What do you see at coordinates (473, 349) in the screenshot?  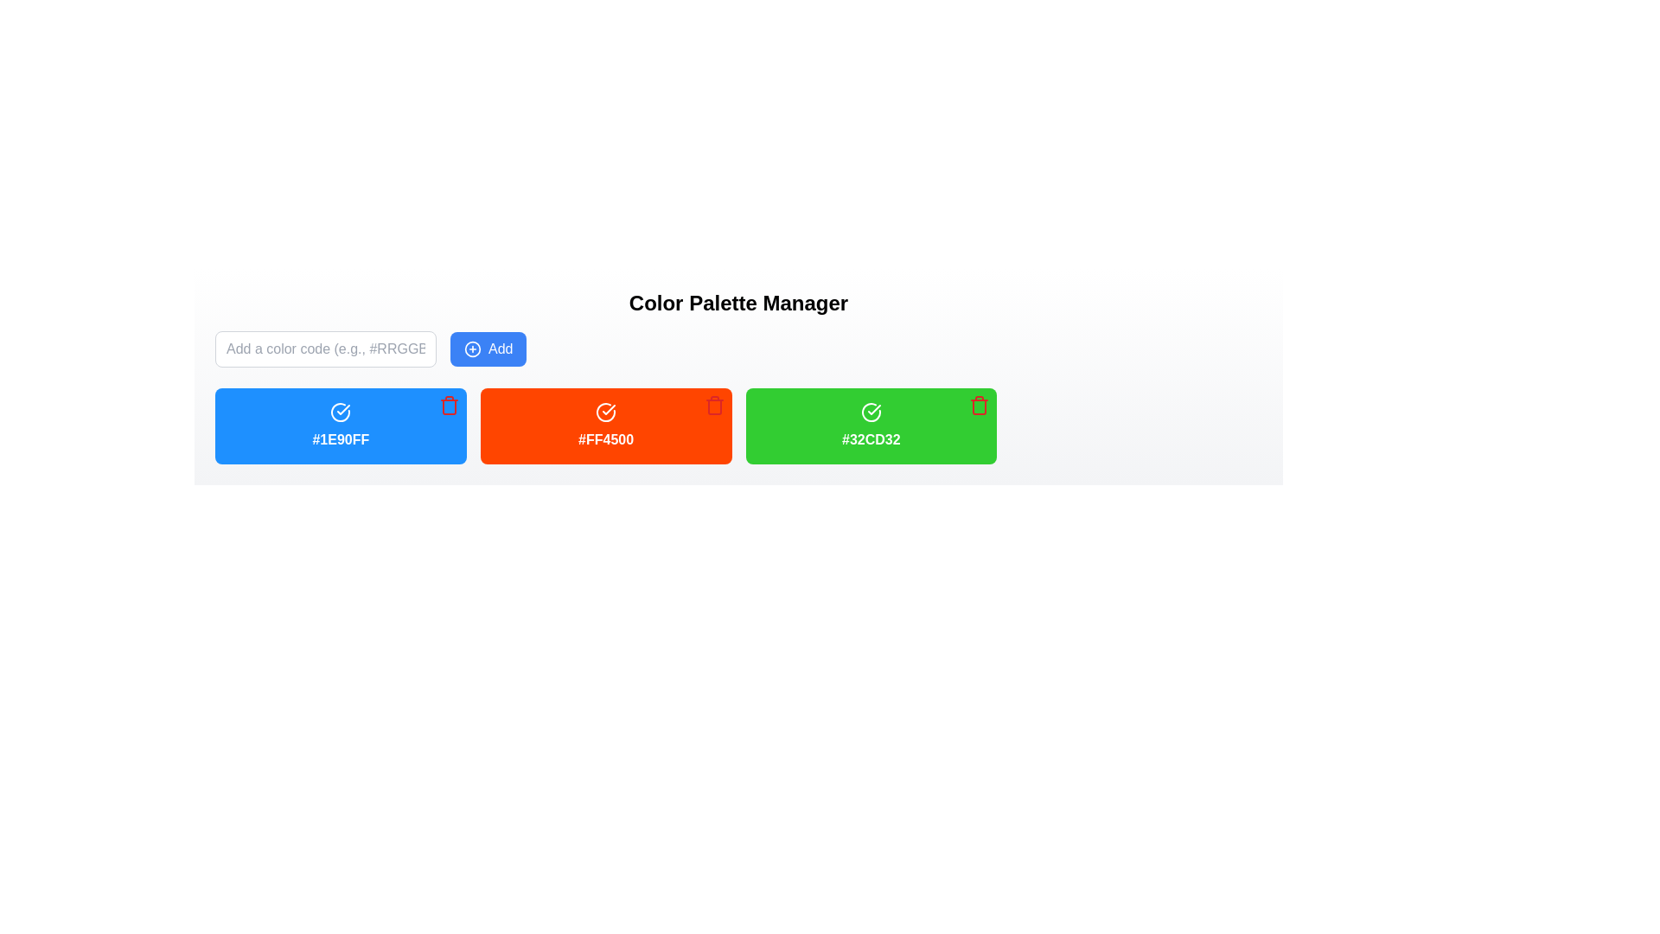 I see `the SVG graphical element representing a blue circle with a plus sign, located near the top of the interface adjacent to a text input field and a button labeled 'Add'` at bounding box center [473, 349].